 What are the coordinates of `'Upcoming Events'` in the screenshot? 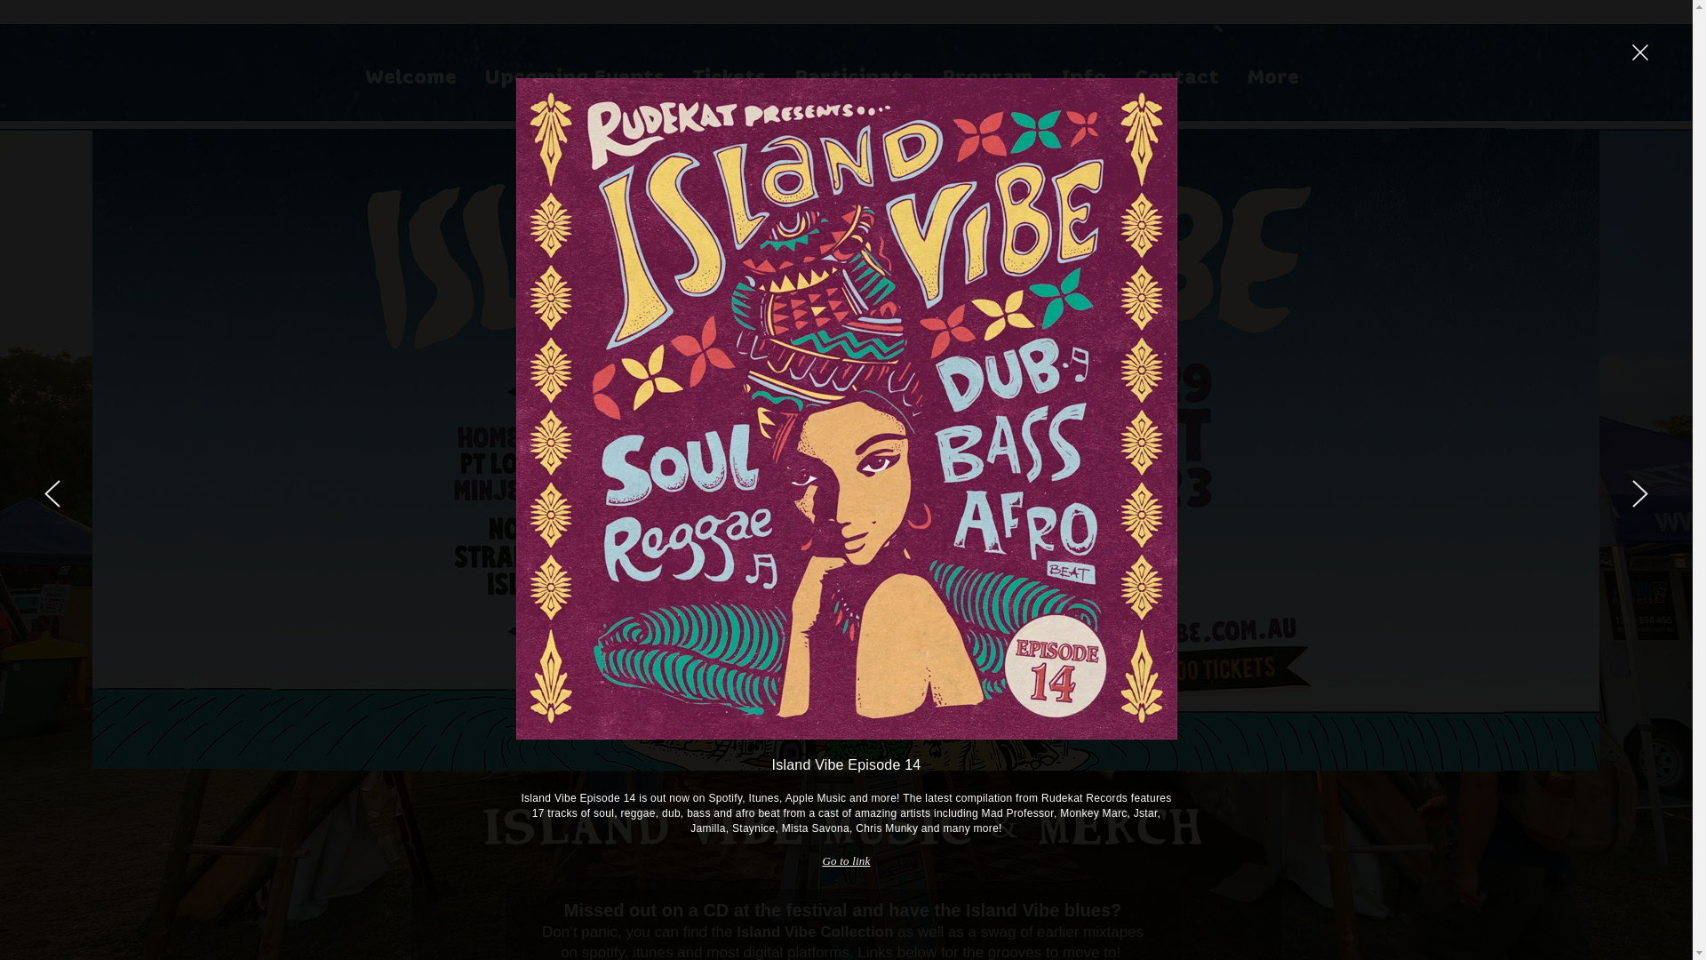 It's located at (575, 75).